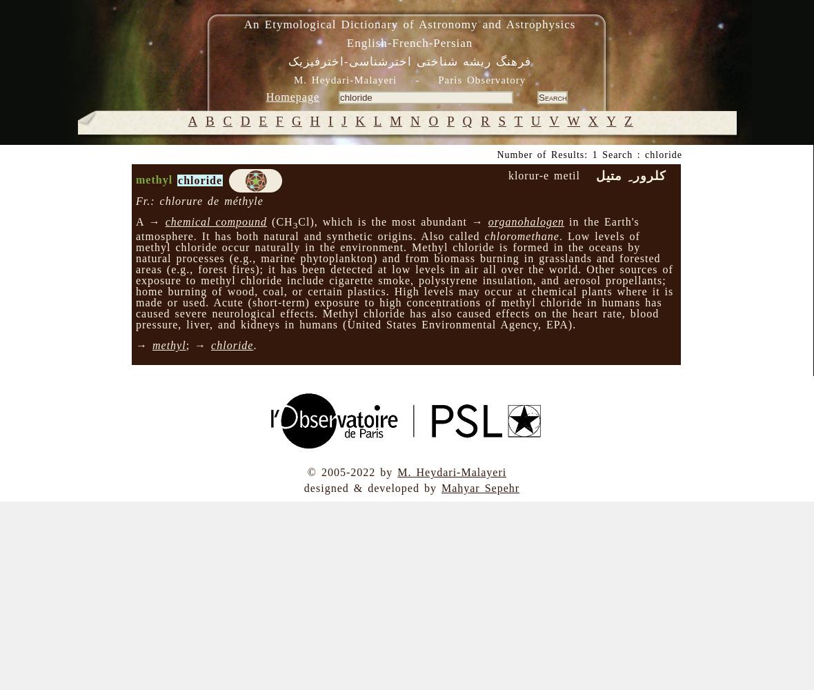  I want to click on 'Fr.: chlorure de méthyle', so click(199, 201).